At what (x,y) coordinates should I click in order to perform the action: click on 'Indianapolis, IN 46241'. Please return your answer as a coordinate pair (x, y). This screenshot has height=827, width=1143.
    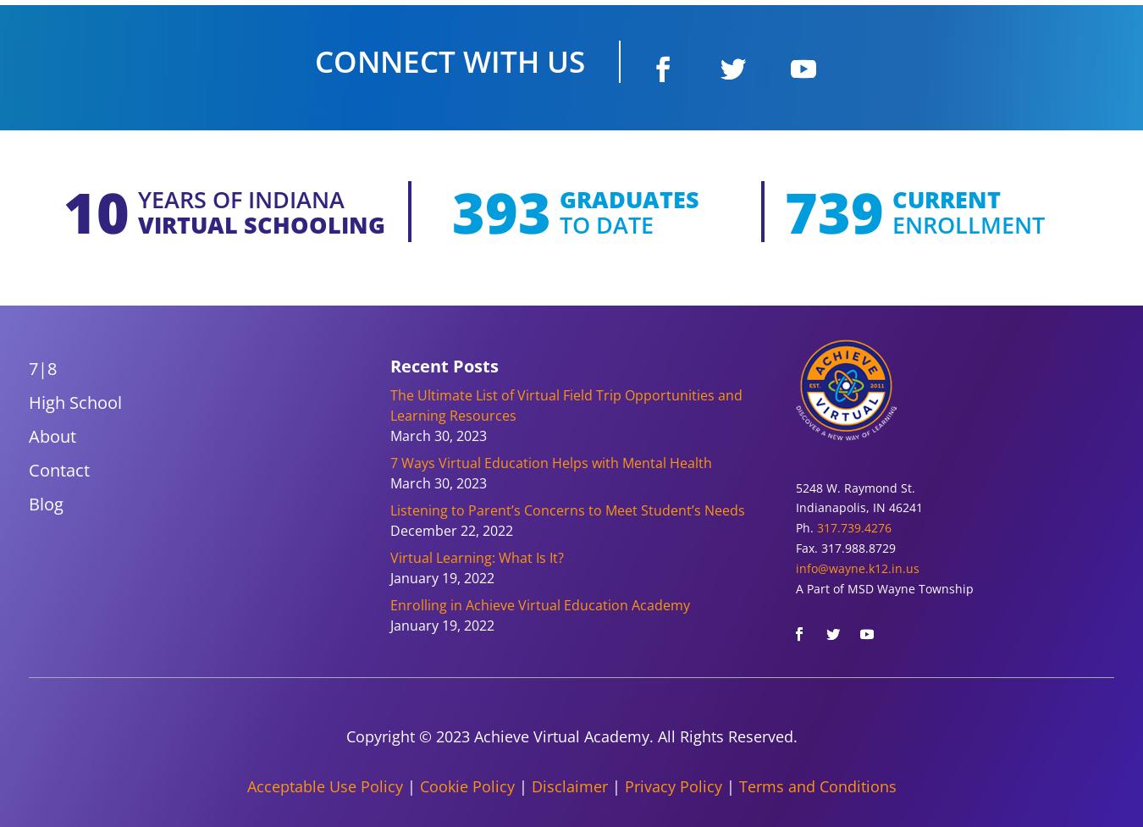
    Looking at the image, I should click on (859, 506).